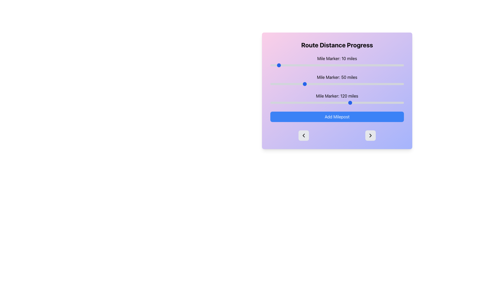  I want to click on the slider, so click(327, 65).